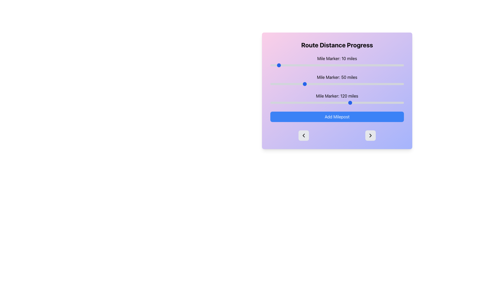  I want to click on the slider, so click(327, 65).